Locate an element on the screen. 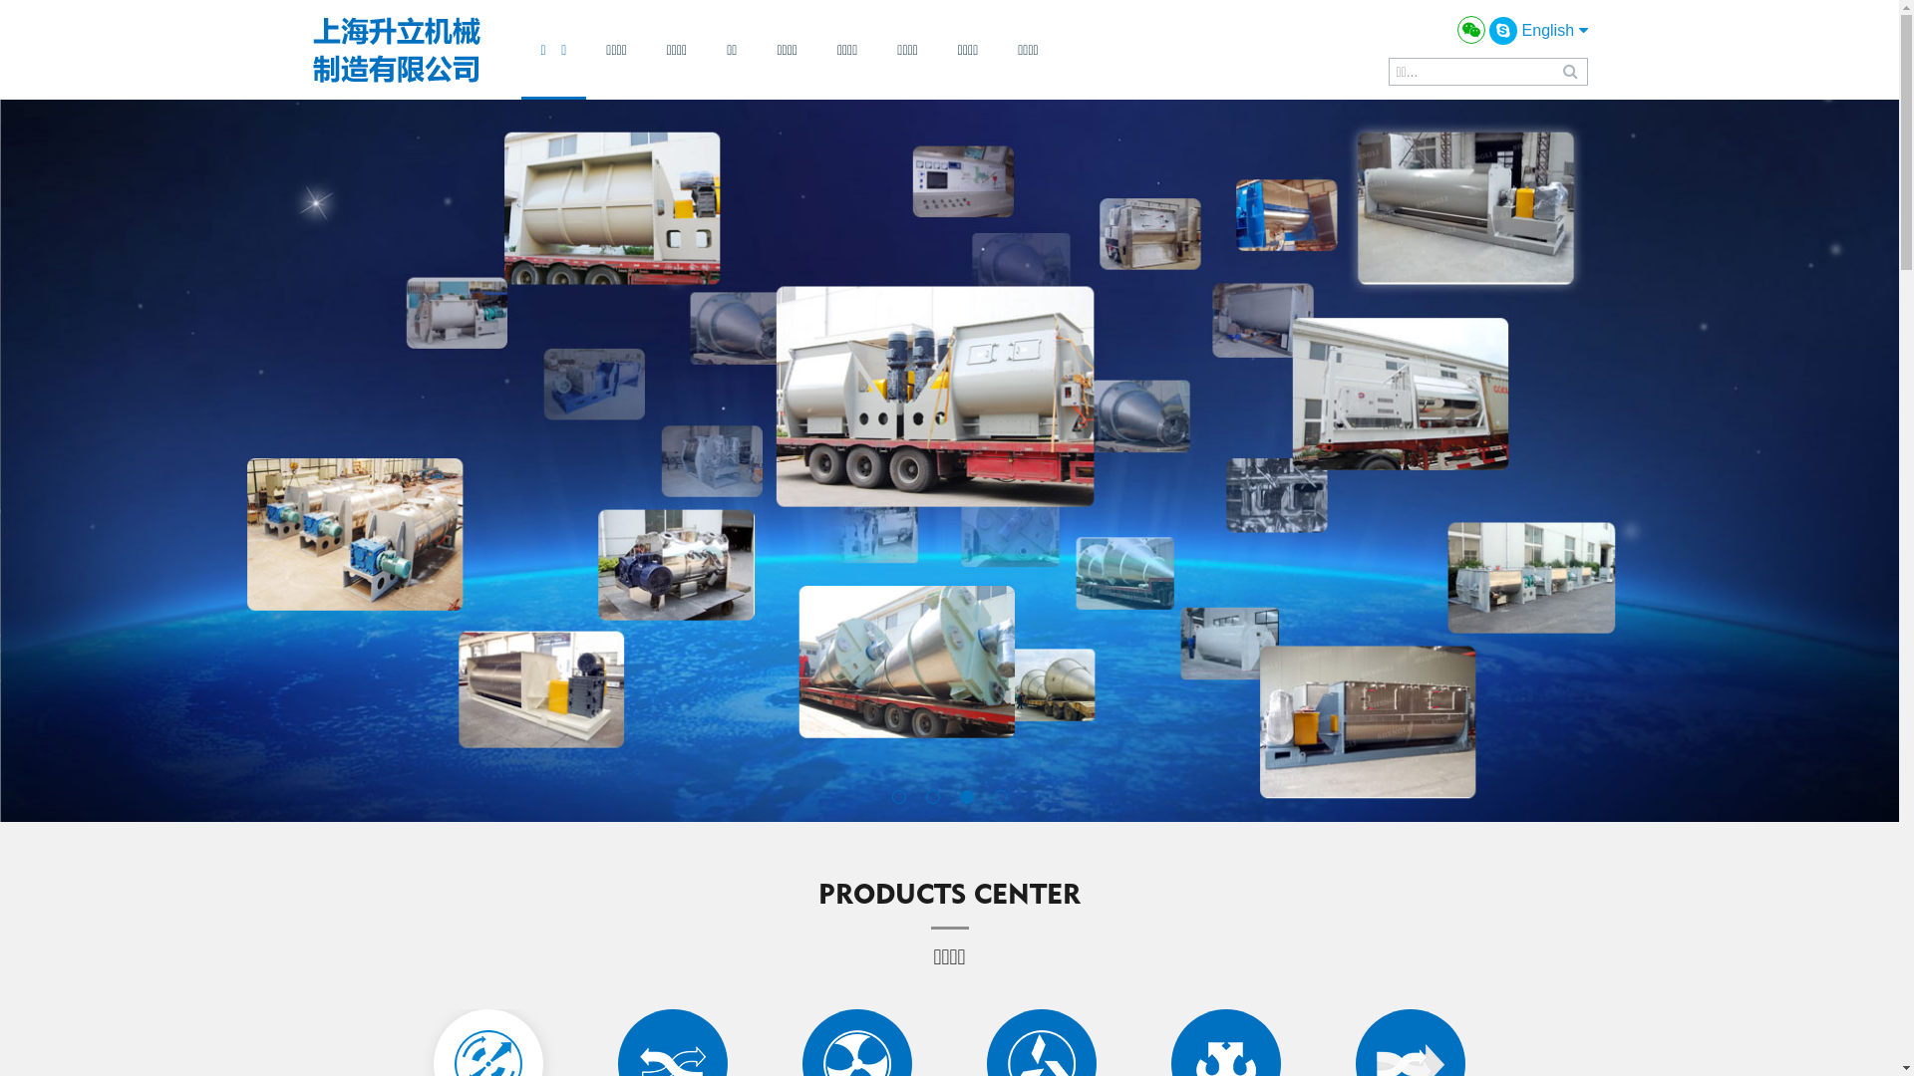 This screenshot has width=1914, height=1076. 'English' is located at coordinates (1554, 30).